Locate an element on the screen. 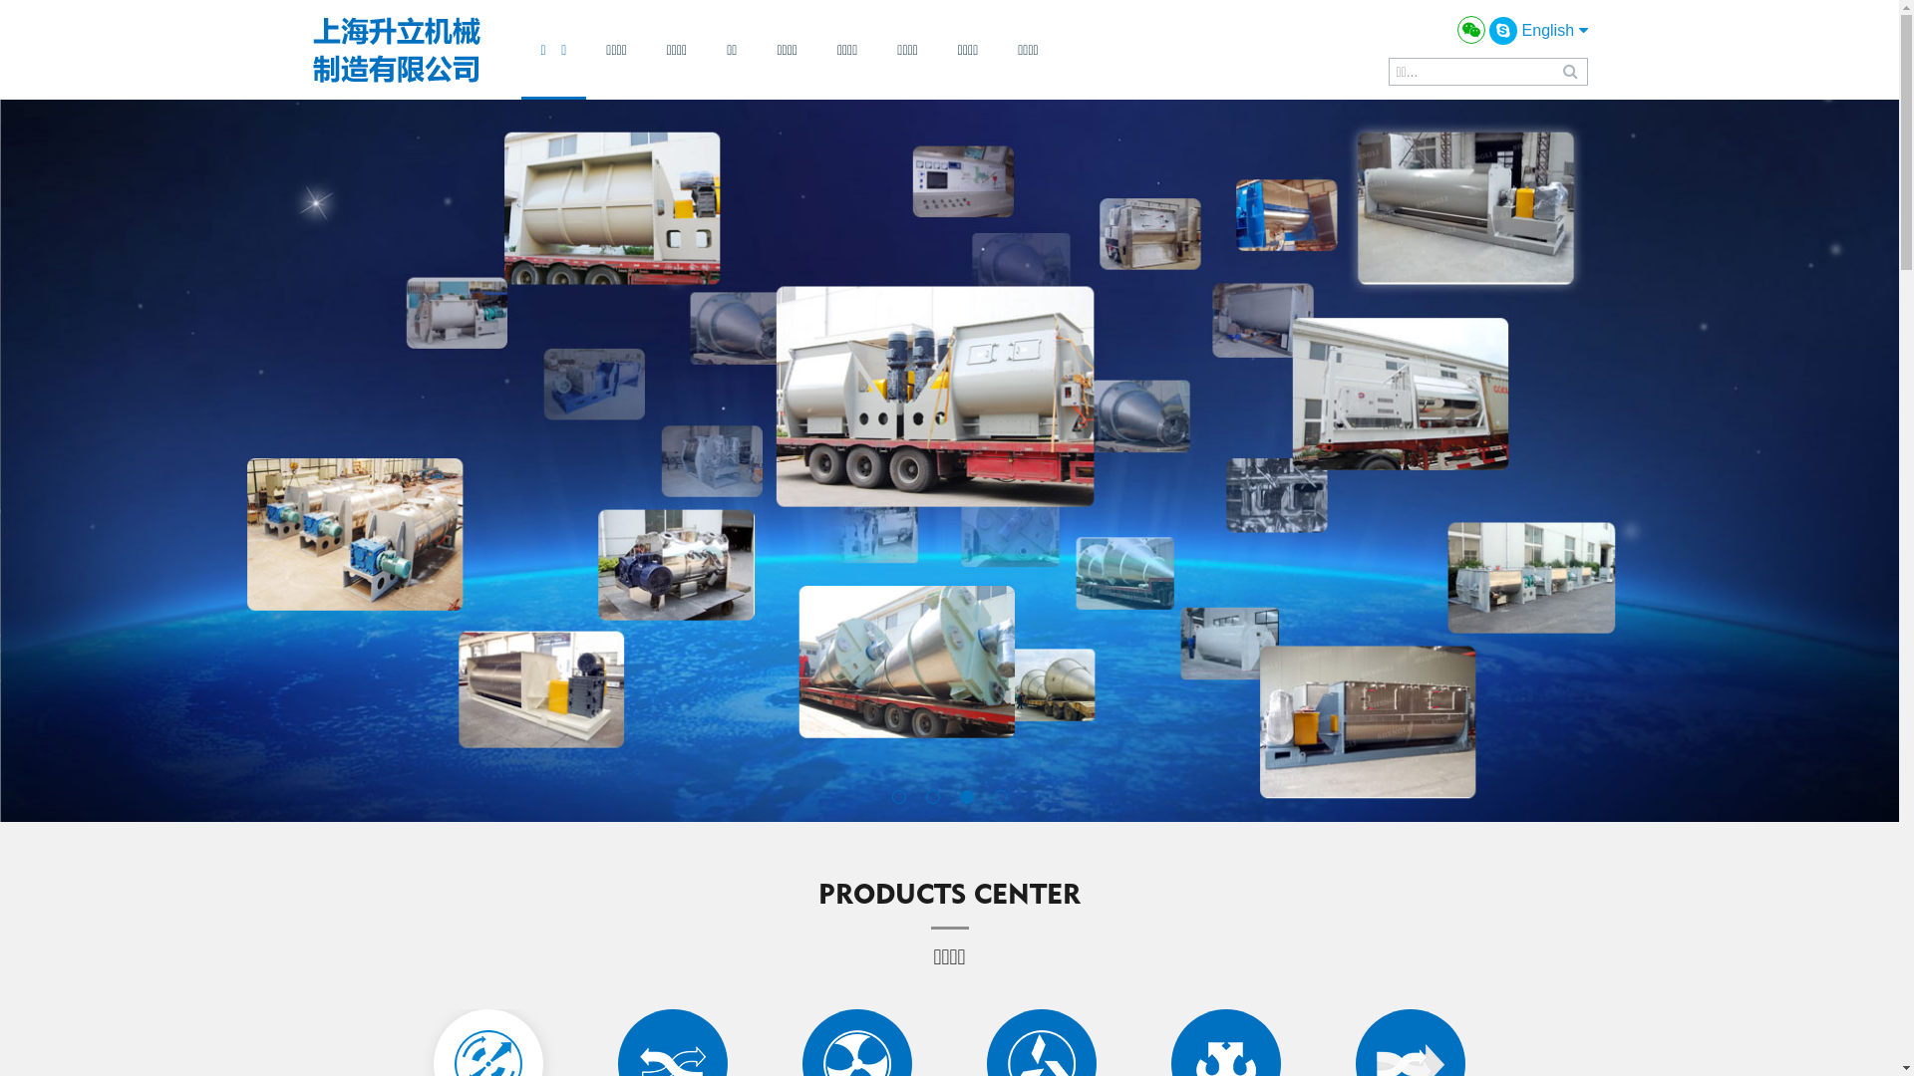 This screenshot has width=1914, height=1076. 'English' is located at coordinates (1554, 30).